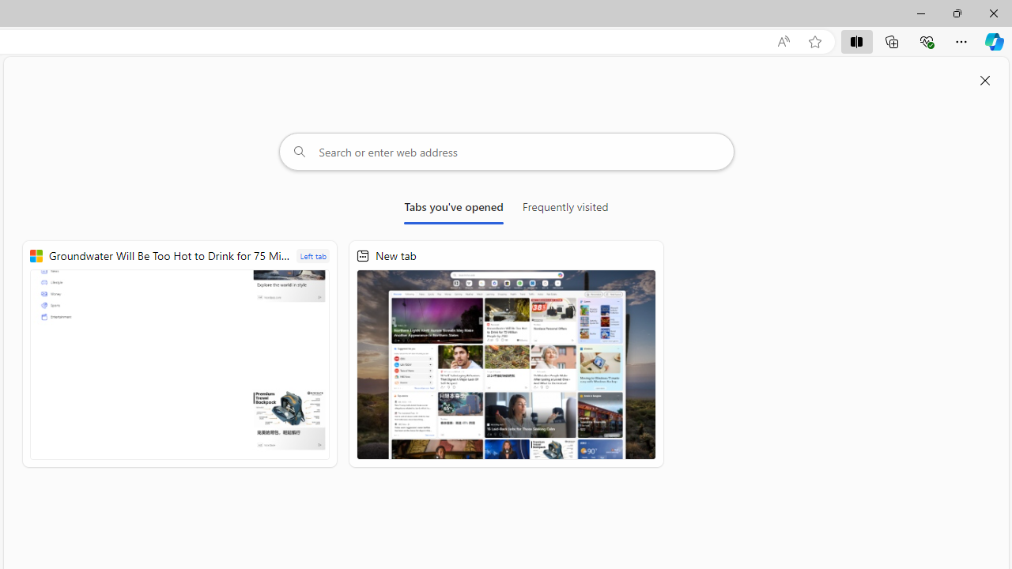  I want to click on 'New tab', so click(506, 353).